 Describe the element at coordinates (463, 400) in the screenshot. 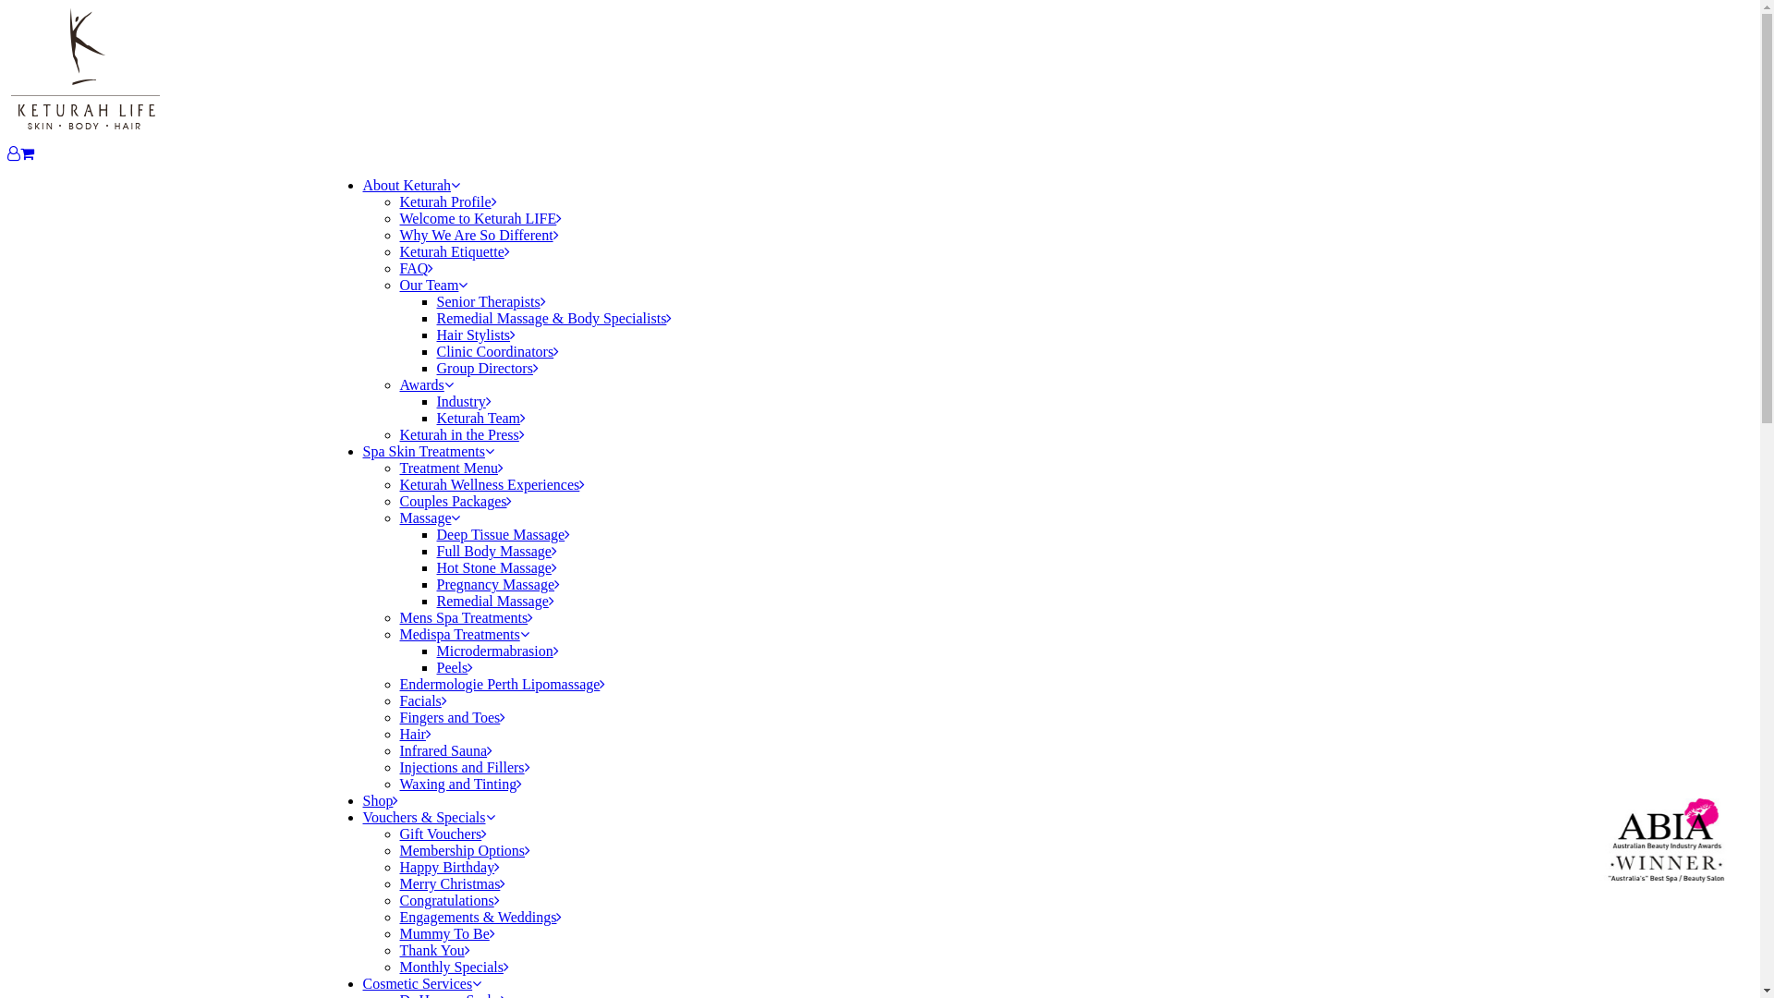

I see `'Industry'` at that location.